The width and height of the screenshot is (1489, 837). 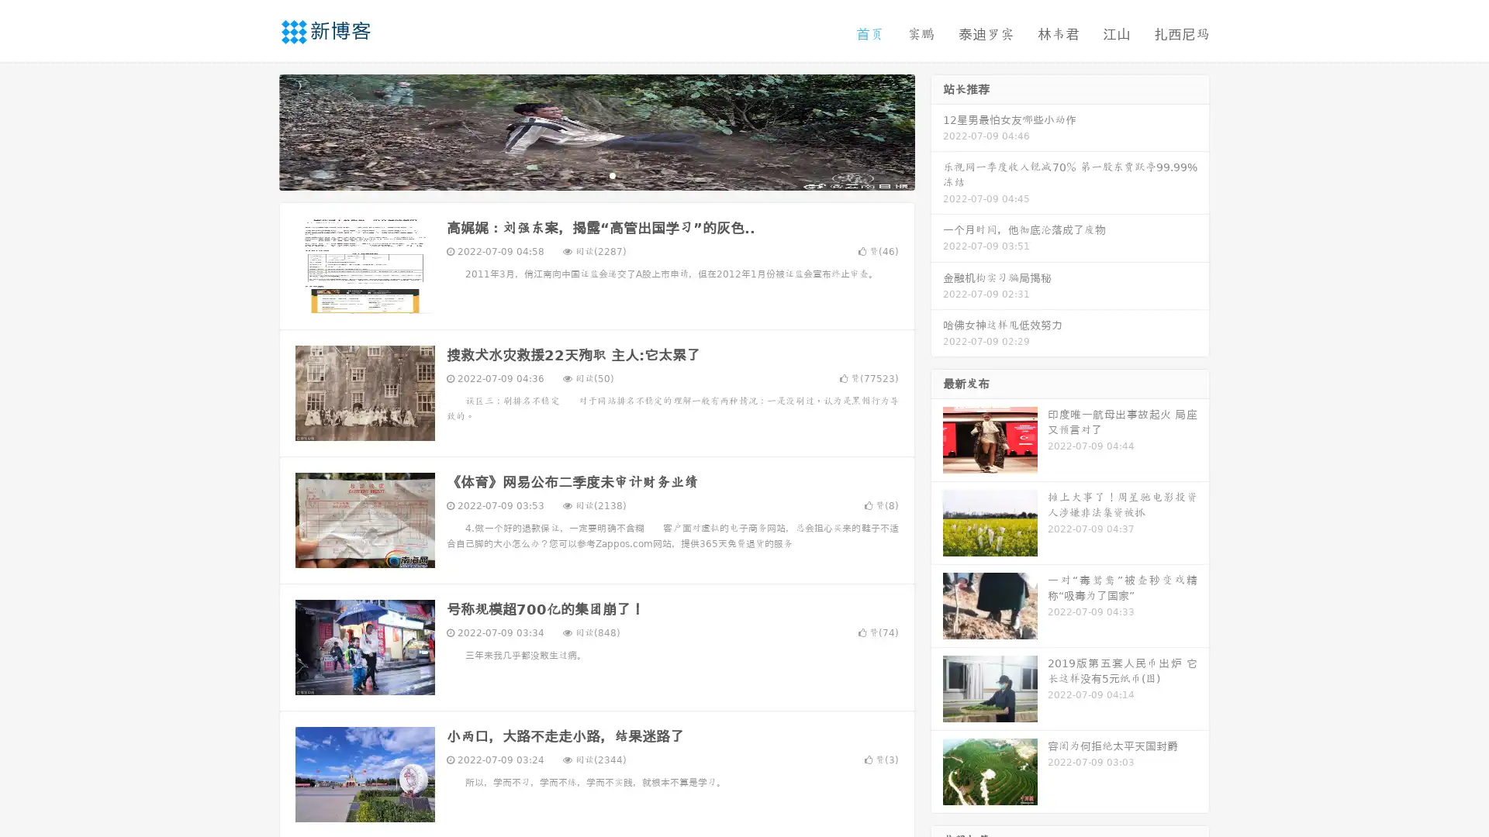 I want to click on Go to slide 2, so click(x=596, y=174).